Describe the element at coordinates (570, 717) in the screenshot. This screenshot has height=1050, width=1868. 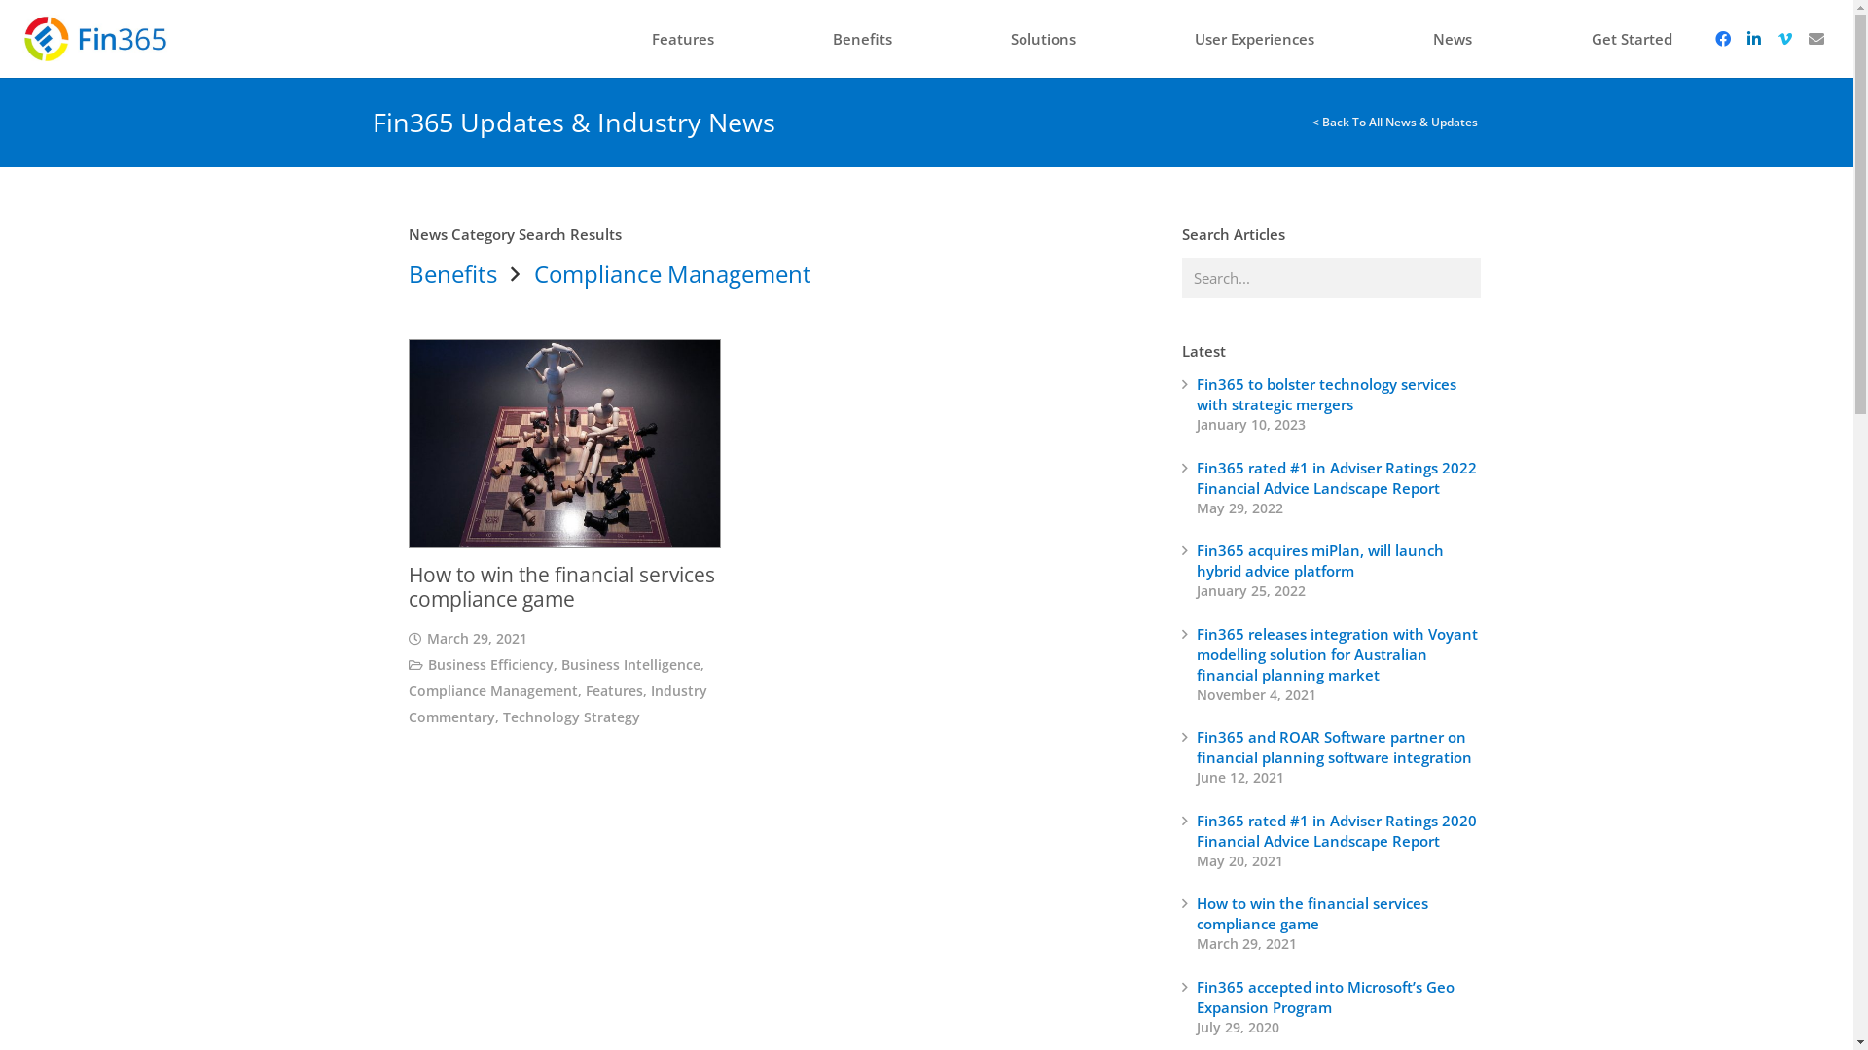
I see `'Technology Strategy'` at that location.